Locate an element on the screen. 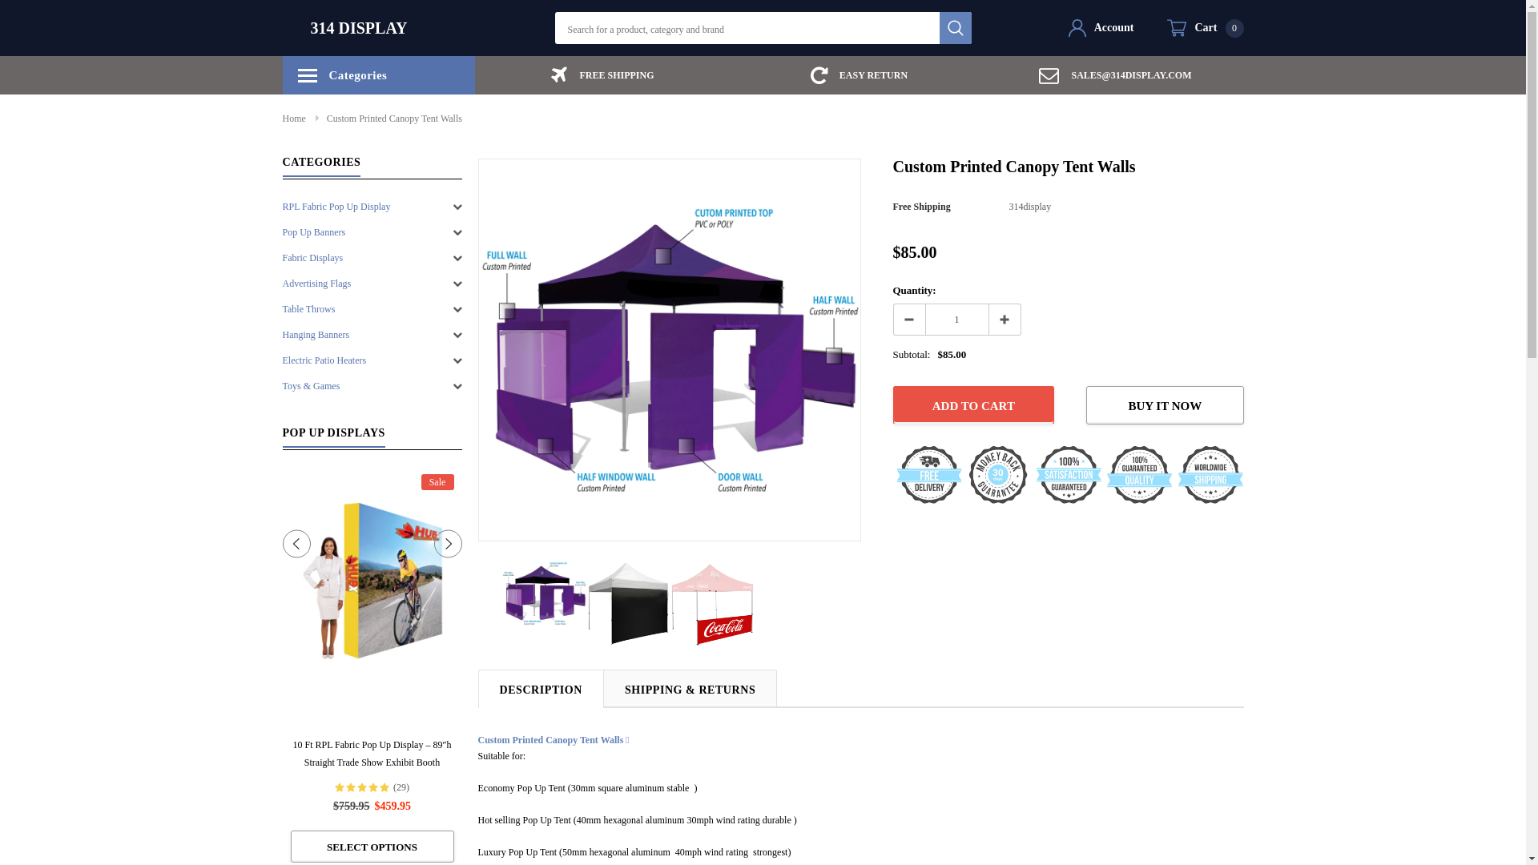 The image size is (1538, 865). 'SALES@314DISPLAY.COM' is located at coordinates (1114, 75).